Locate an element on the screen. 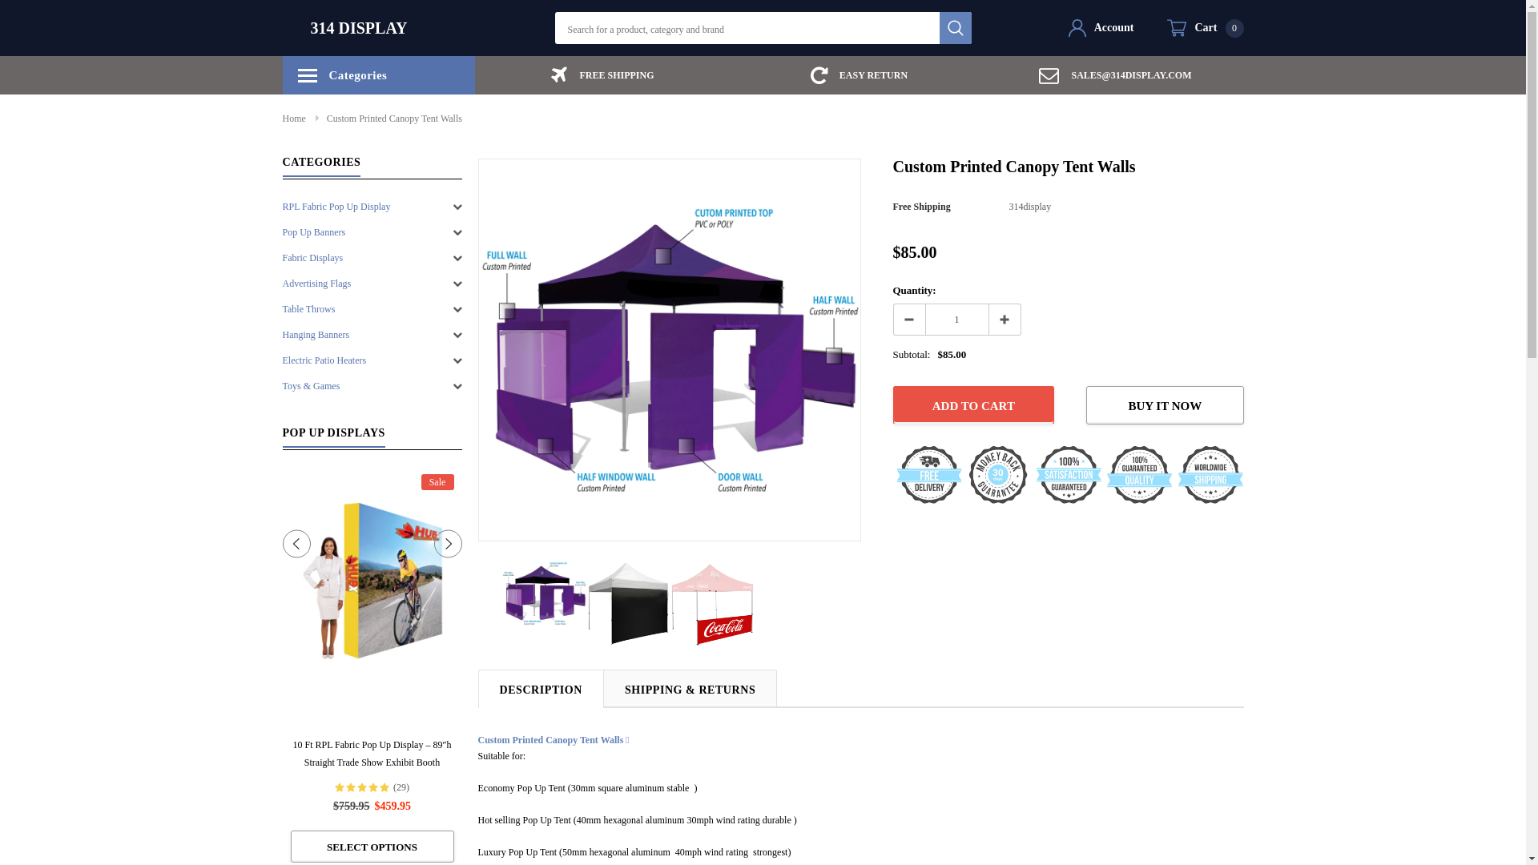 The image size is (1538, 865). 'SALES@314DISPLAY.COM' is located at coordinates (1114, 75).